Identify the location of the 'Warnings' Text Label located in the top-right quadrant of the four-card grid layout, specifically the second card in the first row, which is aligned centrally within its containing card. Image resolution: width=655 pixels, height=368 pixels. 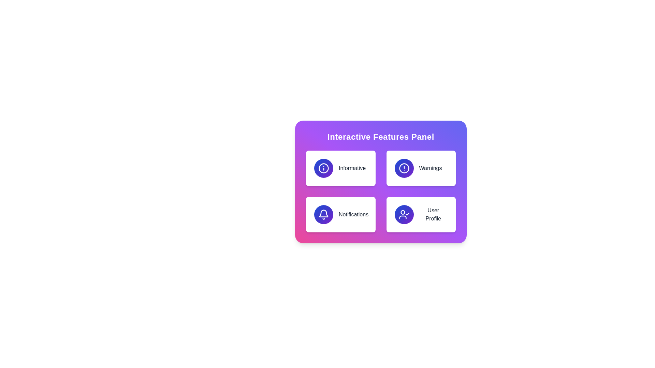
(430, 168).